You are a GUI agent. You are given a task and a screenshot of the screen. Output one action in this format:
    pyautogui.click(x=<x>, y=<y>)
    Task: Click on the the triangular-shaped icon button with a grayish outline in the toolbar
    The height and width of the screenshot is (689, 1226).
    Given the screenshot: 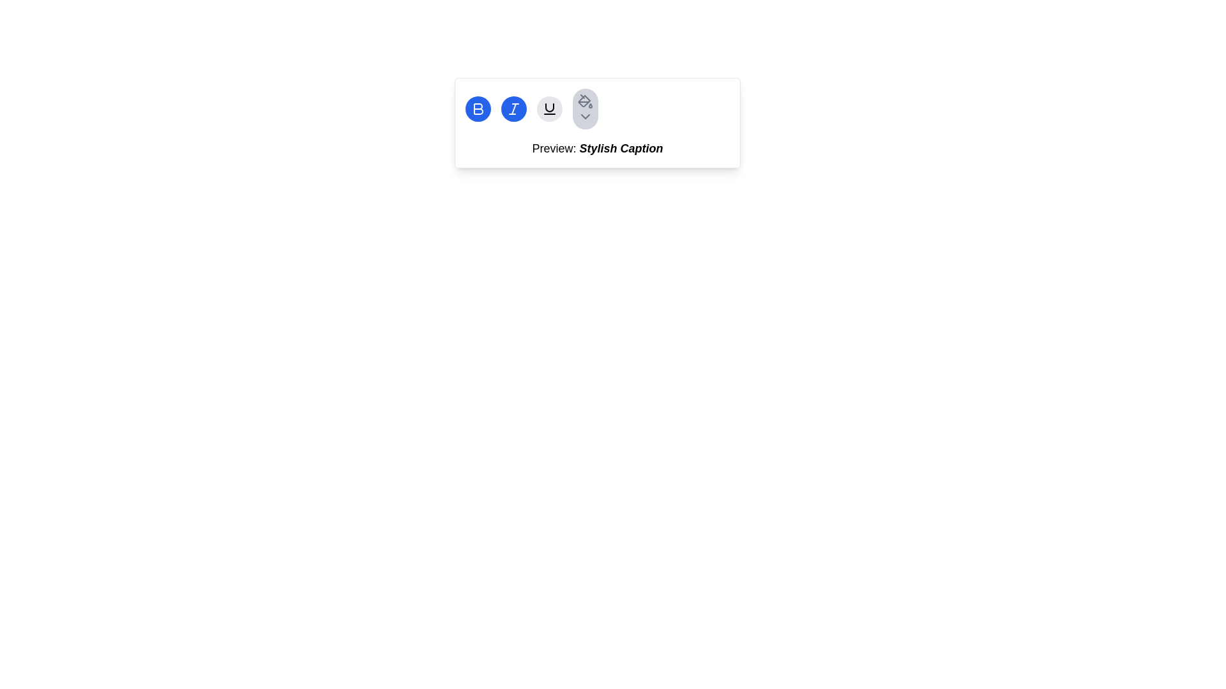 What is the action you would take?
    pyautogui.click(x=584, y=100)
    